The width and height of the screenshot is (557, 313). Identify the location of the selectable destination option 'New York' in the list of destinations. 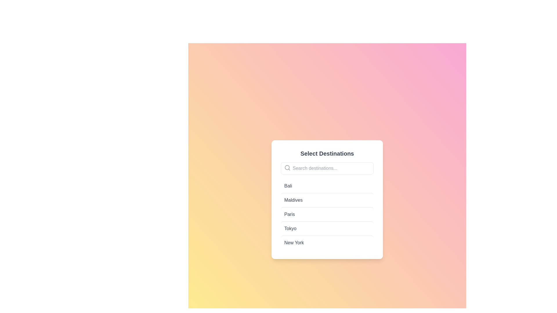
(327, 243).